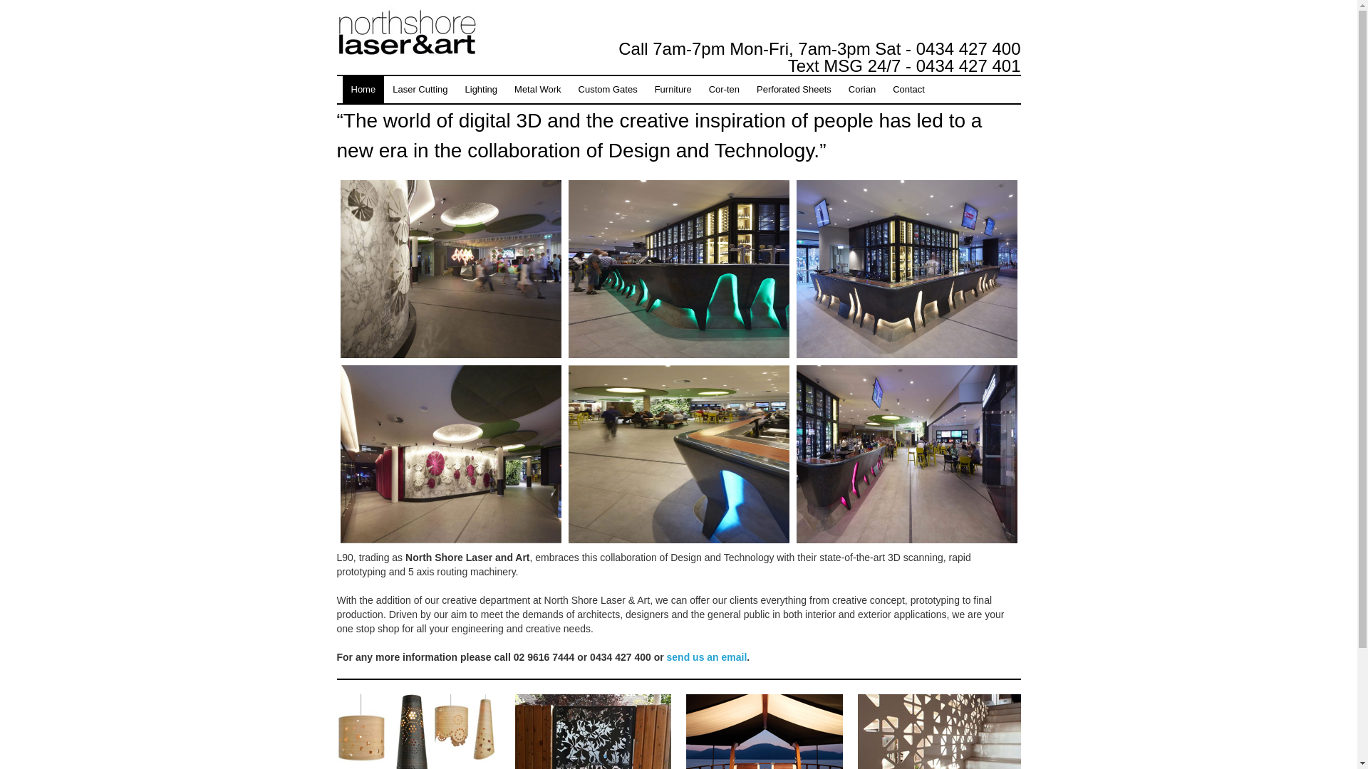 This screenshot has height=769, width=1368. I want to click on 'Contact', so click(908, 90).